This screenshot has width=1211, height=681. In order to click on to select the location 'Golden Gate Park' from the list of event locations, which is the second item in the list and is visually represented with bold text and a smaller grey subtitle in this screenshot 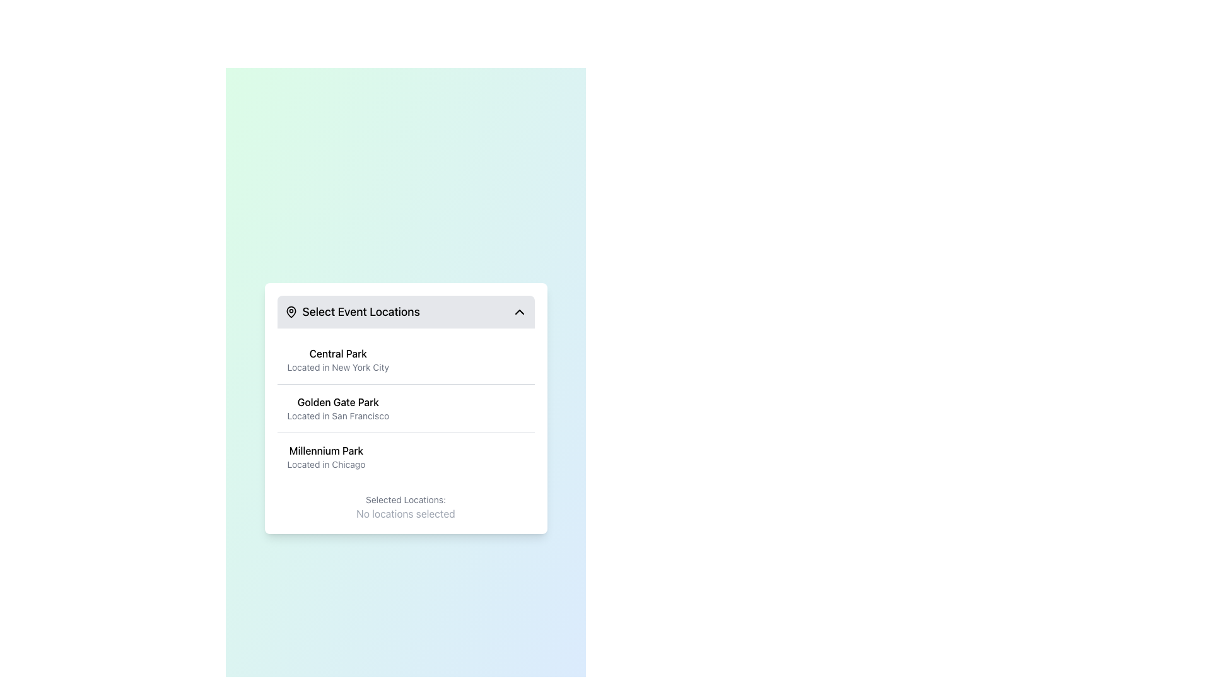, I will do `click(338, 409)`.